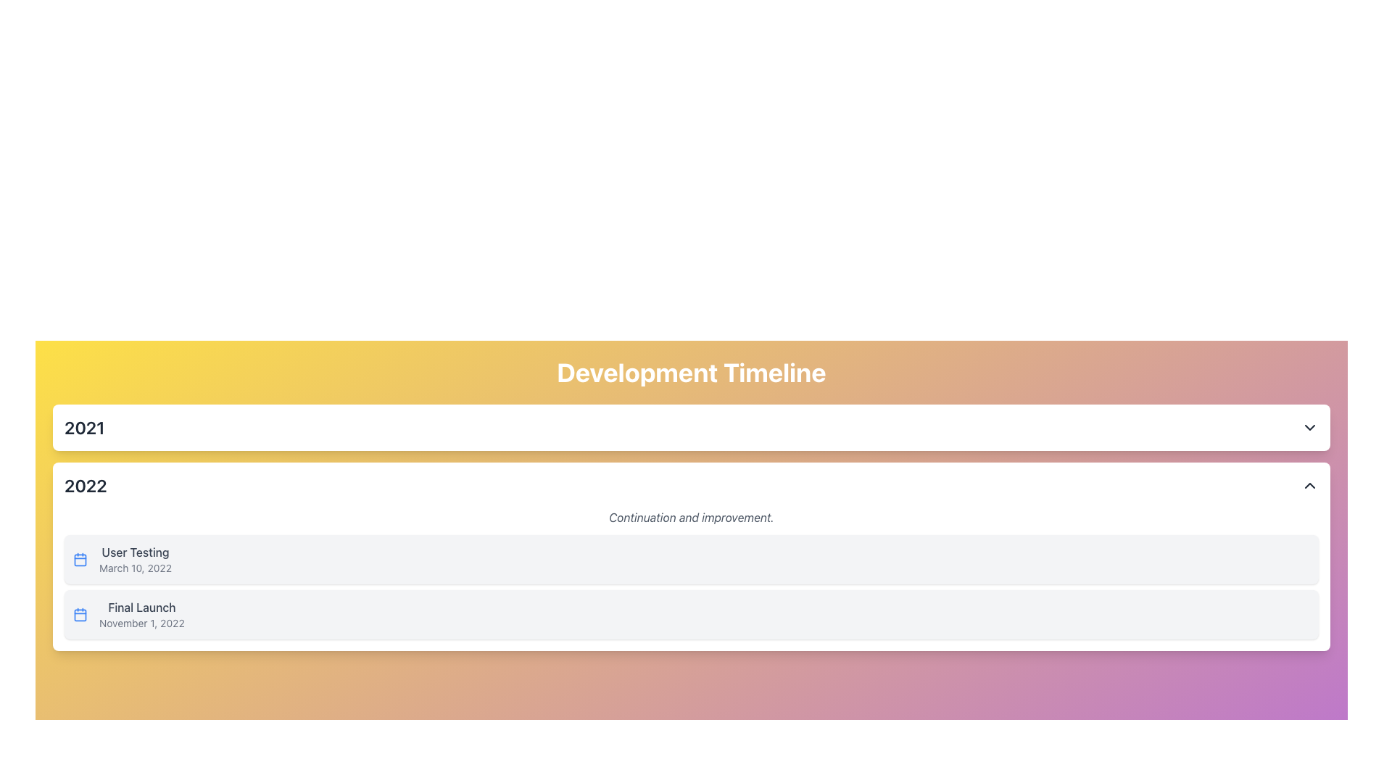  What do you see at coordinates (691, 615) in the screenshot?
I see `the Information Card that provides details about the 'Final Launch' event, which is the second entry in the vertical stack and appears below the 'User Testing' block` at bounding box center [691, 615].